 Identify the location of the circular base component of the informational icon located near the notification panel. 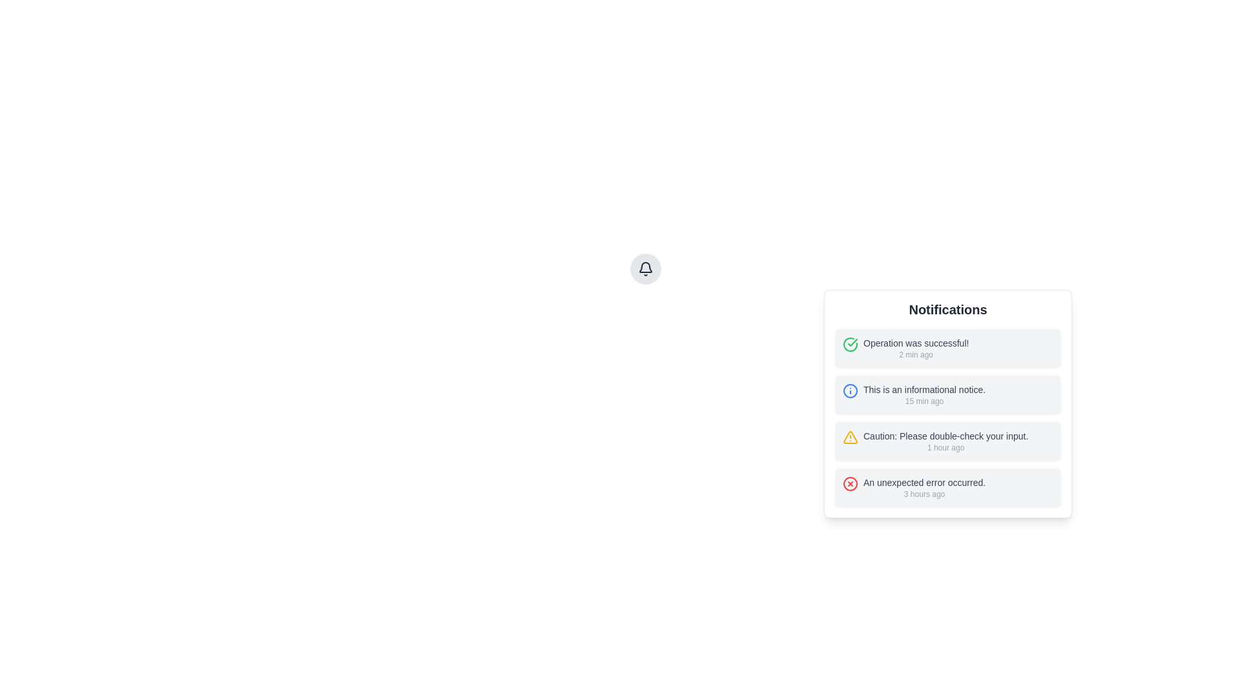
(850, 390).